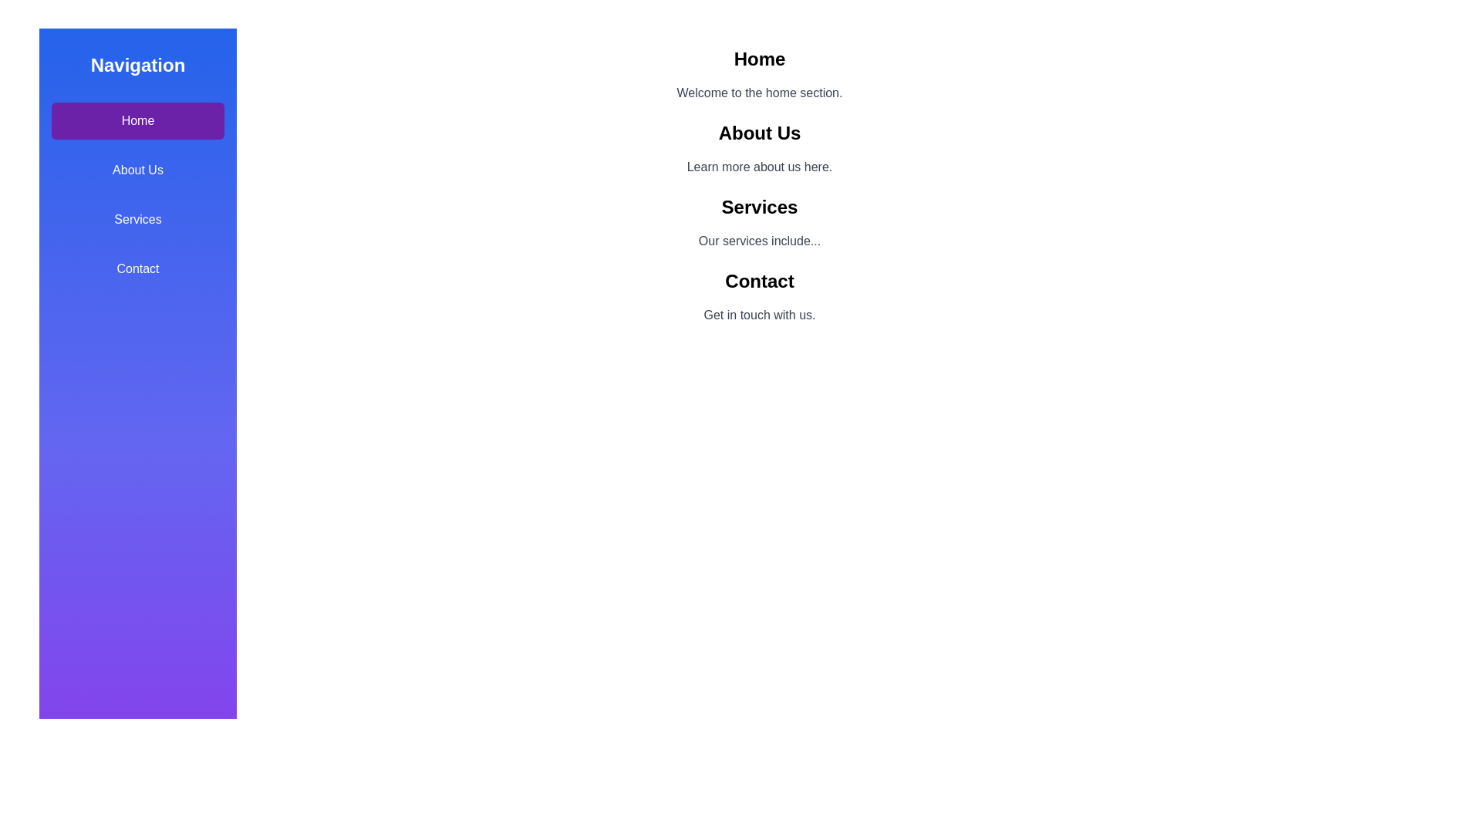 This screenshot has height=833, width=1481. I want to click on the 'Contact' button, which is a rectangular button with a gradient blue background and white text, located beneath the 'Services' button in the vertical navigation menu, so click(137, 268).